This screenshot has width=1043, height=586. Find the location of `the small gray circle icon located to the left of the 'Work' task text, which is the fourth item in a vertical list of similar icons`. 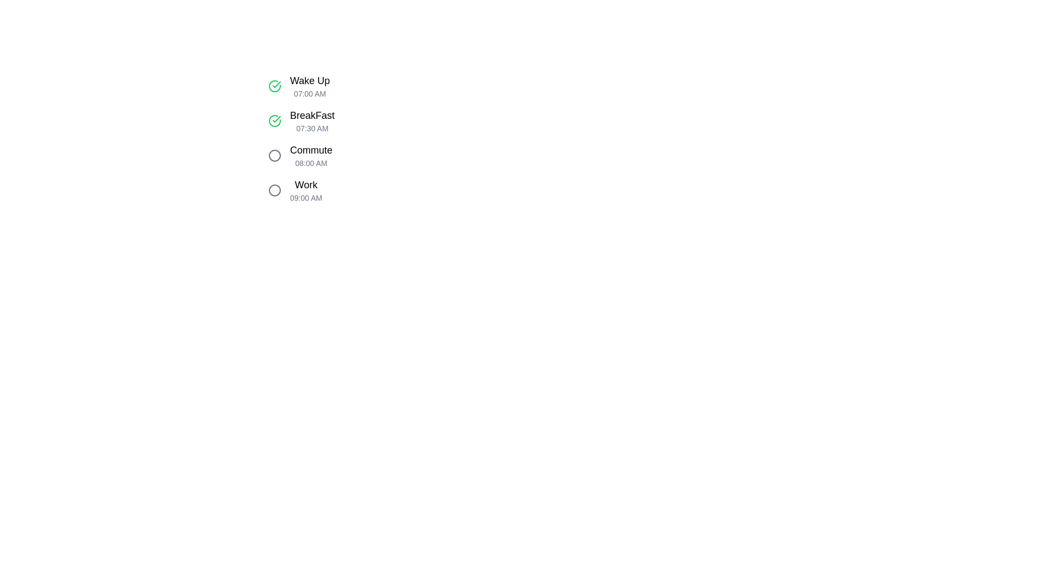

the small gray circle icon located to the left of the 'Work' task text, which is the fourth item in a vertical list of similar icons is located at coordinates (274, 190).